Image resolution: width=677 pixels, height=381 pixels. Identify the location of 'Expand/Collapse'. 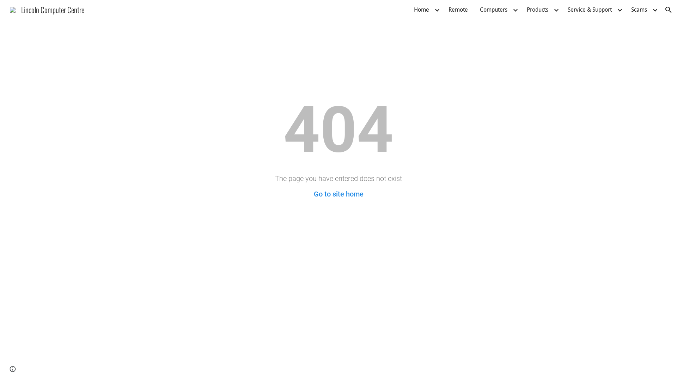
(553, 10).